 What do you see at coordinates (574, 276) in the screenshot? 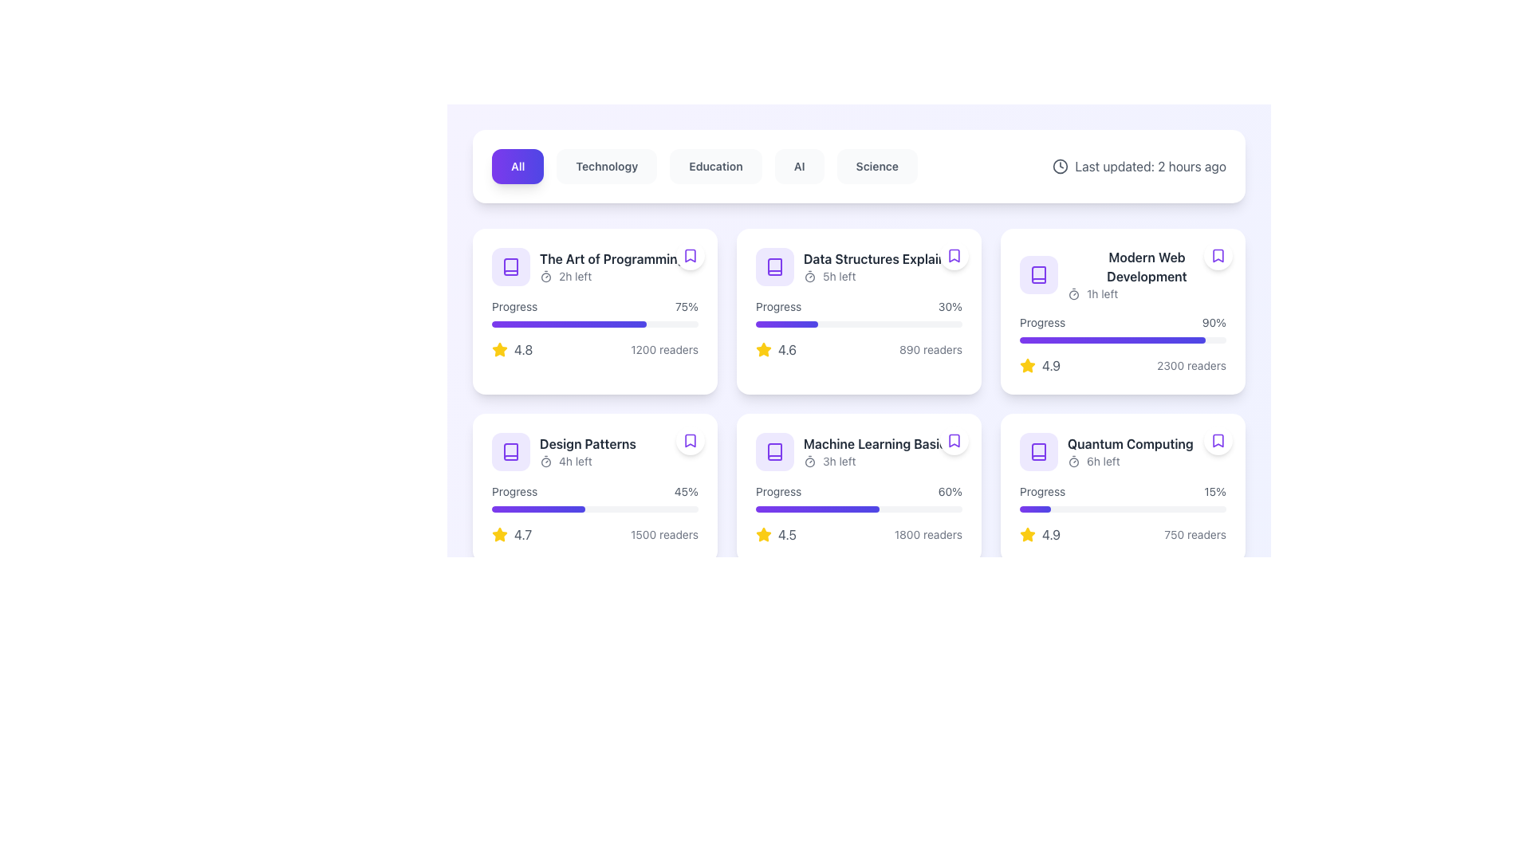
I see `the text label that displays '2h left', which is styled in a small, gray font and located to the right of a circular timer icon at the top left of the first card in the grid` at bounding box center [574, 276].